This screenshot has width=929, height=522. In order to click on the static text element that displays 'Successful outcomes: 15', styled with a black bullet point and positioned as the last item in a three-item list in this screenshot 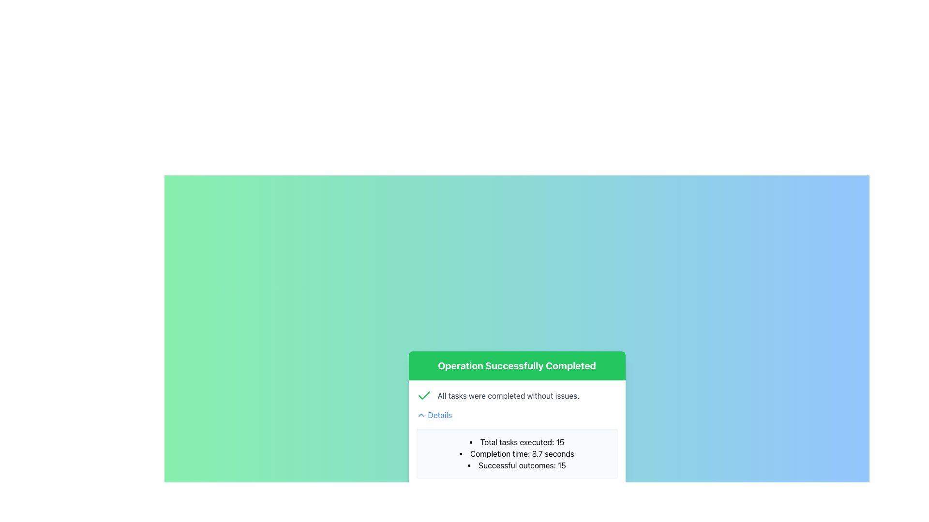, I will do `click(516, 465)`.